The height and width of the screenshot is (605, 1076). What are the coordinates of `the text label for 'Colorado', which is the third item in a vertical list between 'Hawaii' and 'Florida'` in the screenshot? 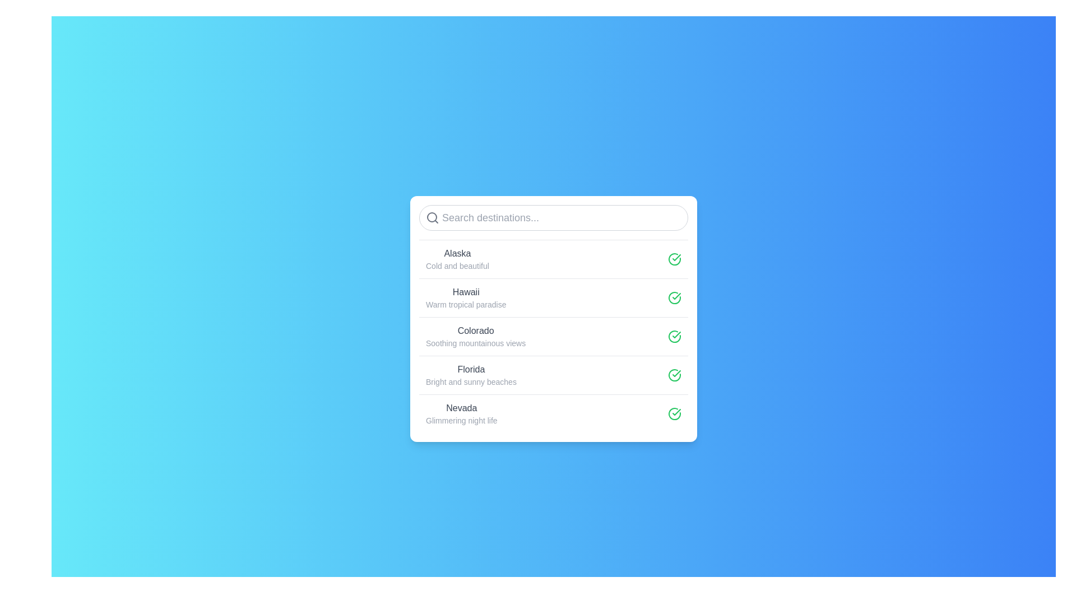 It's located at (476, 336).